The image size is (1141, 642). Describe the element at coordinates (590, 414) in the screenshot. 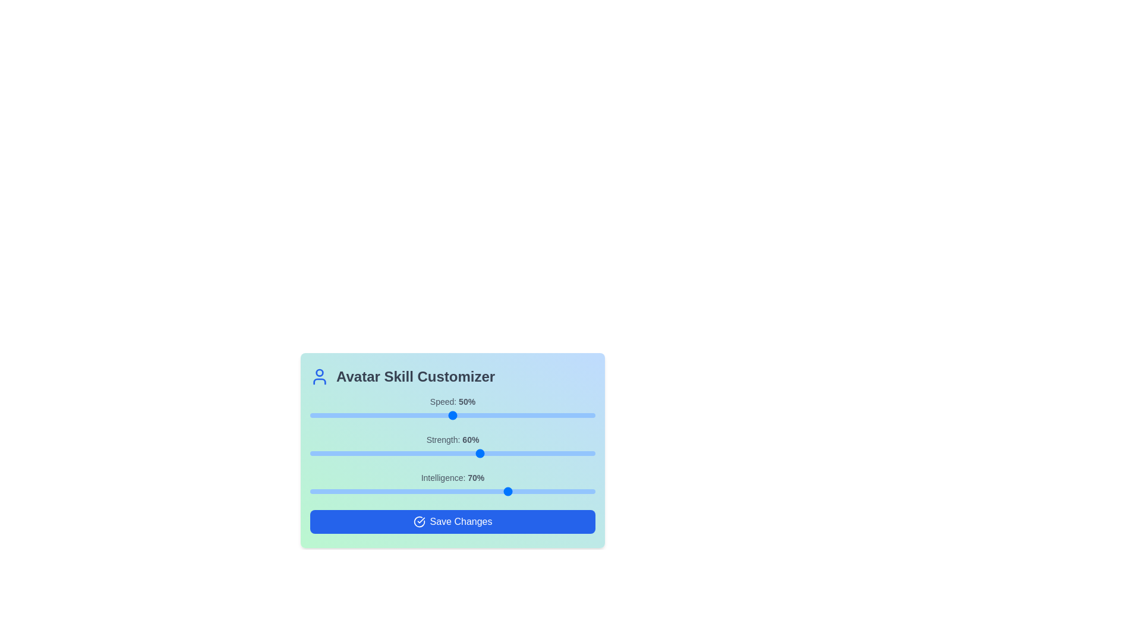

I see `the speed` at that location.